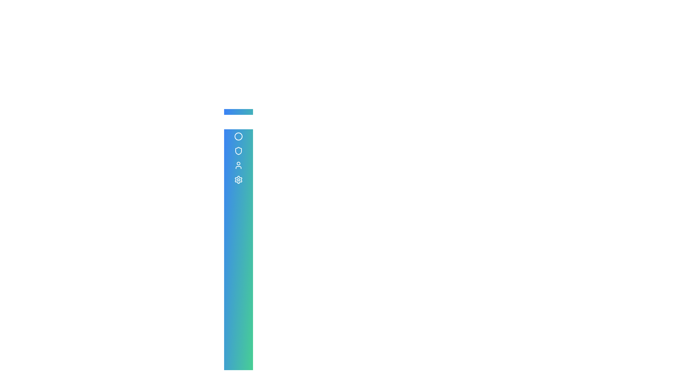 The image size is (694, 390). I want to click on the first circular icon with a blue fill and white edge located in the vertical gradient-colored sidebar, so click(239, 136).